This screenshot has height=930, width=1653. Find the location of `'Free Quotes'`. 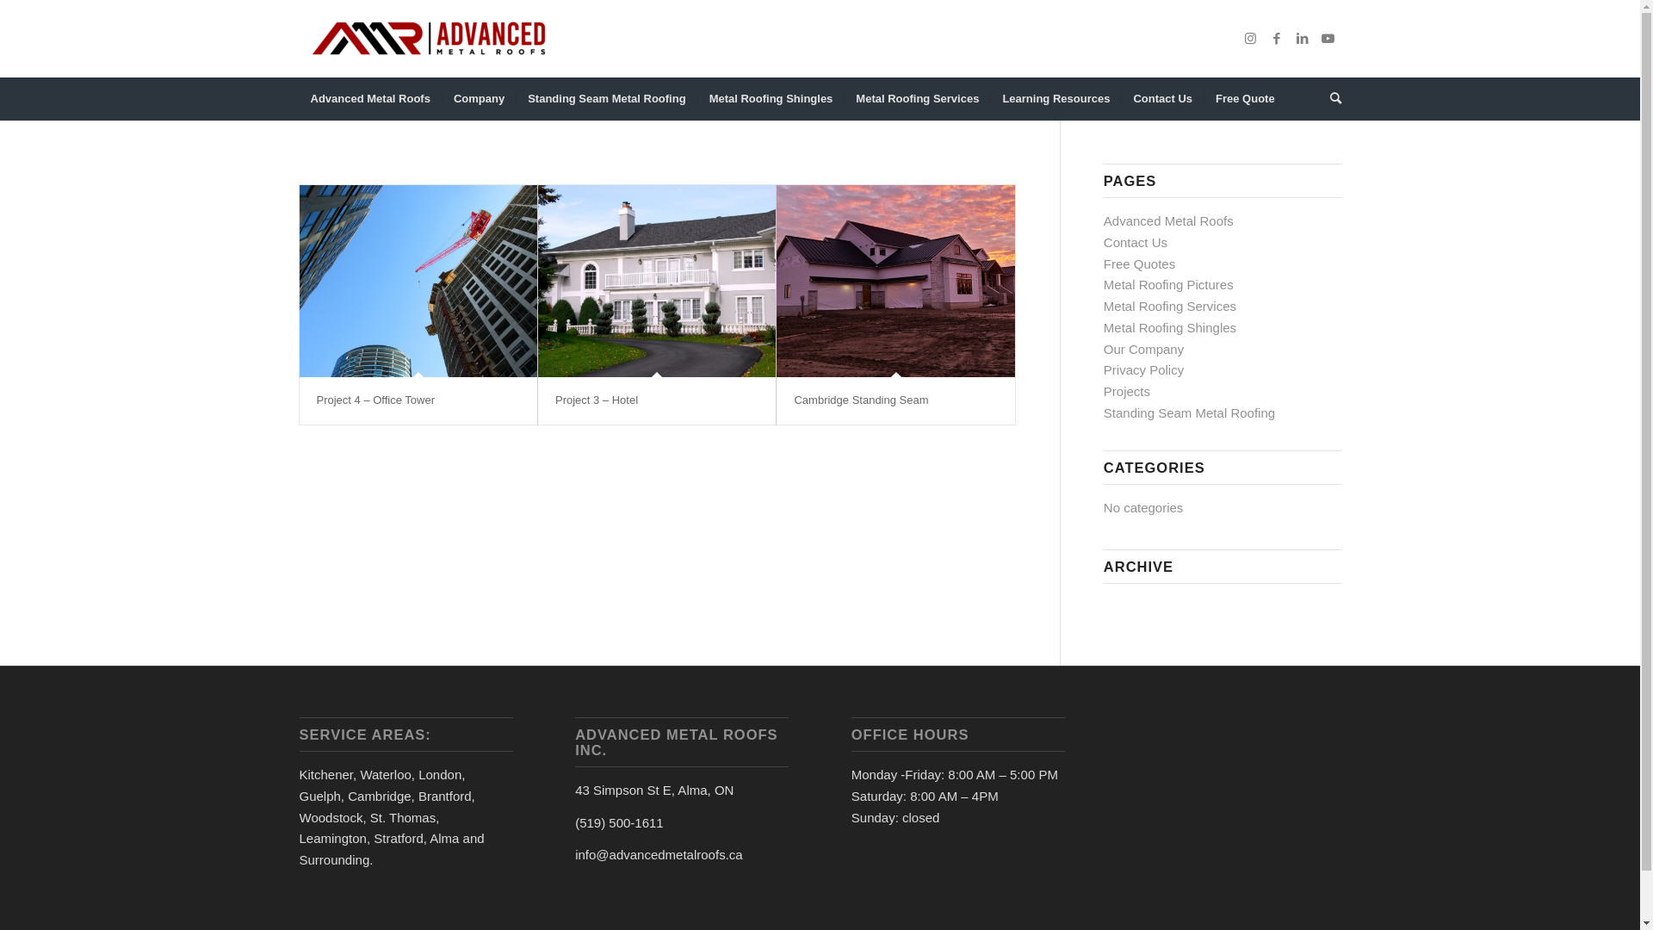

'Free Quotes' is located at coordinates (1103, 263).